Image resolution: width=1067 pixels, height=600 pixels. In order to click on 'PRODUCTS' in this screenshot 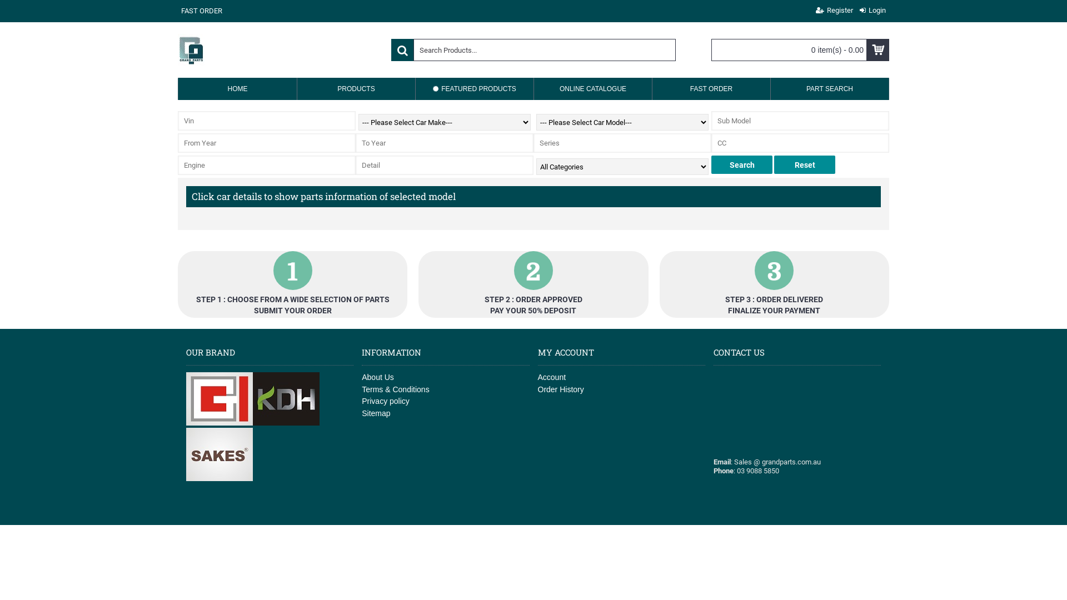, I will do `click(356, 88)`.